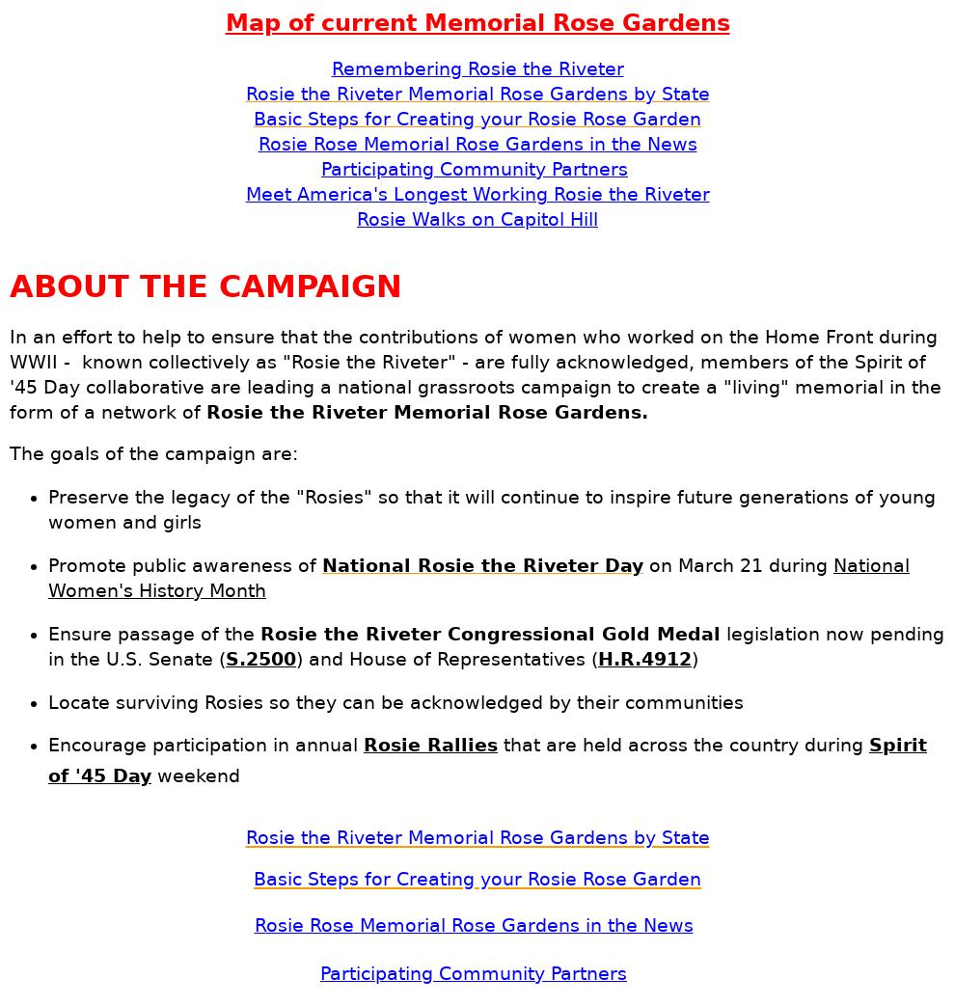 Image resolution: width=955 pixels, height=1006 pixels. What do you see at coordinates (426, 412) in the screenshot?
I see `'Rosie the Riveter Memorial Rose Gardens.'` at bounding box center [426, 412].